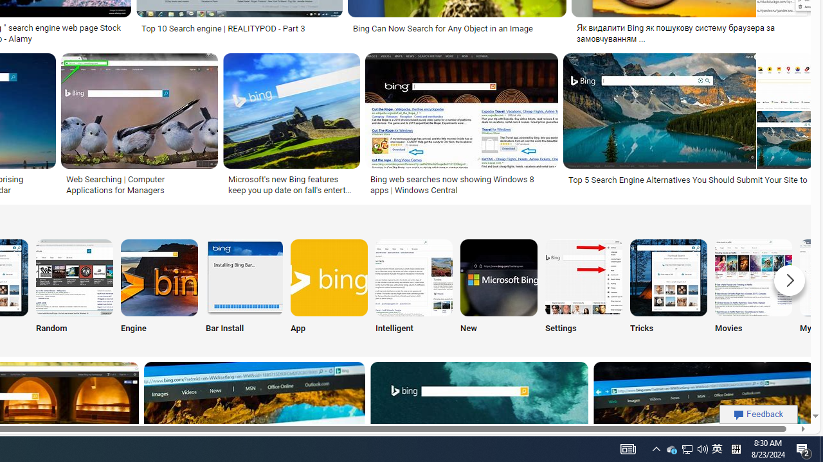 This screenshot has height=462, width=823. What do you see at coordinates (159, 277) in the screenshot?
I see `'Bing the Search Engine'` at bounding box center [159, 277].